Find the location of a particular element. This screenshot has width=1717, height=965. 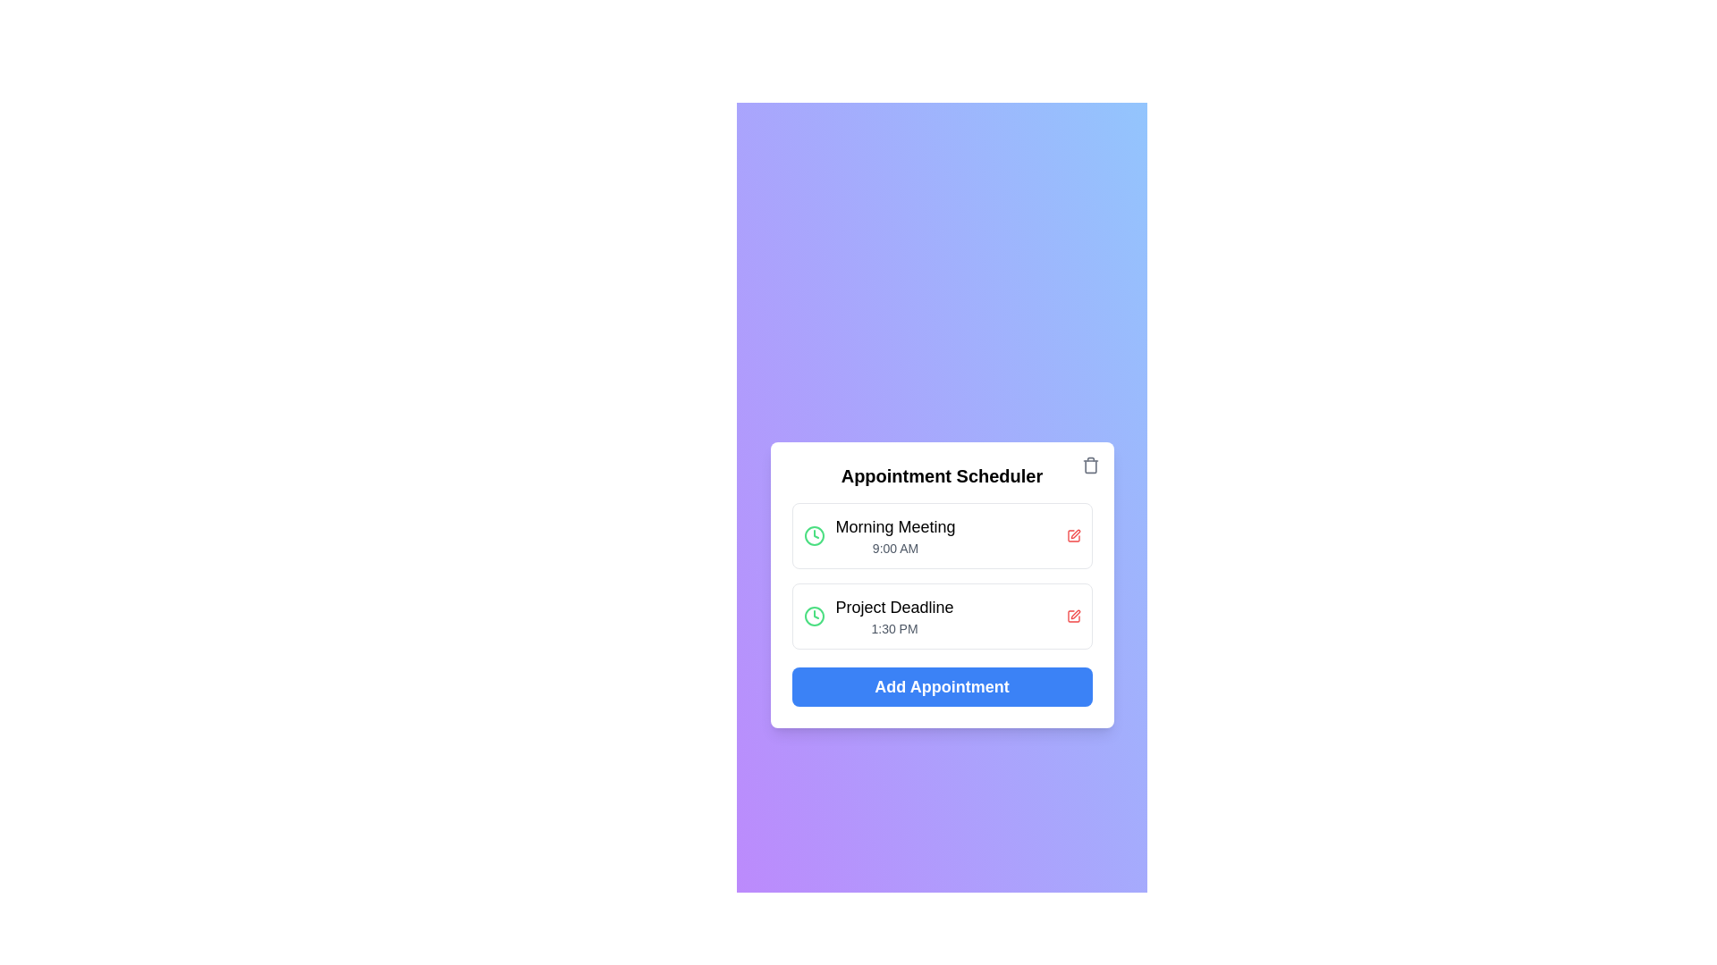

the Information display element that shows 'Project Deadline' with a green clock icon to its left, located below 'Morning Meeting' and above 'Add Appointment' is located at coordinates (878, 616).